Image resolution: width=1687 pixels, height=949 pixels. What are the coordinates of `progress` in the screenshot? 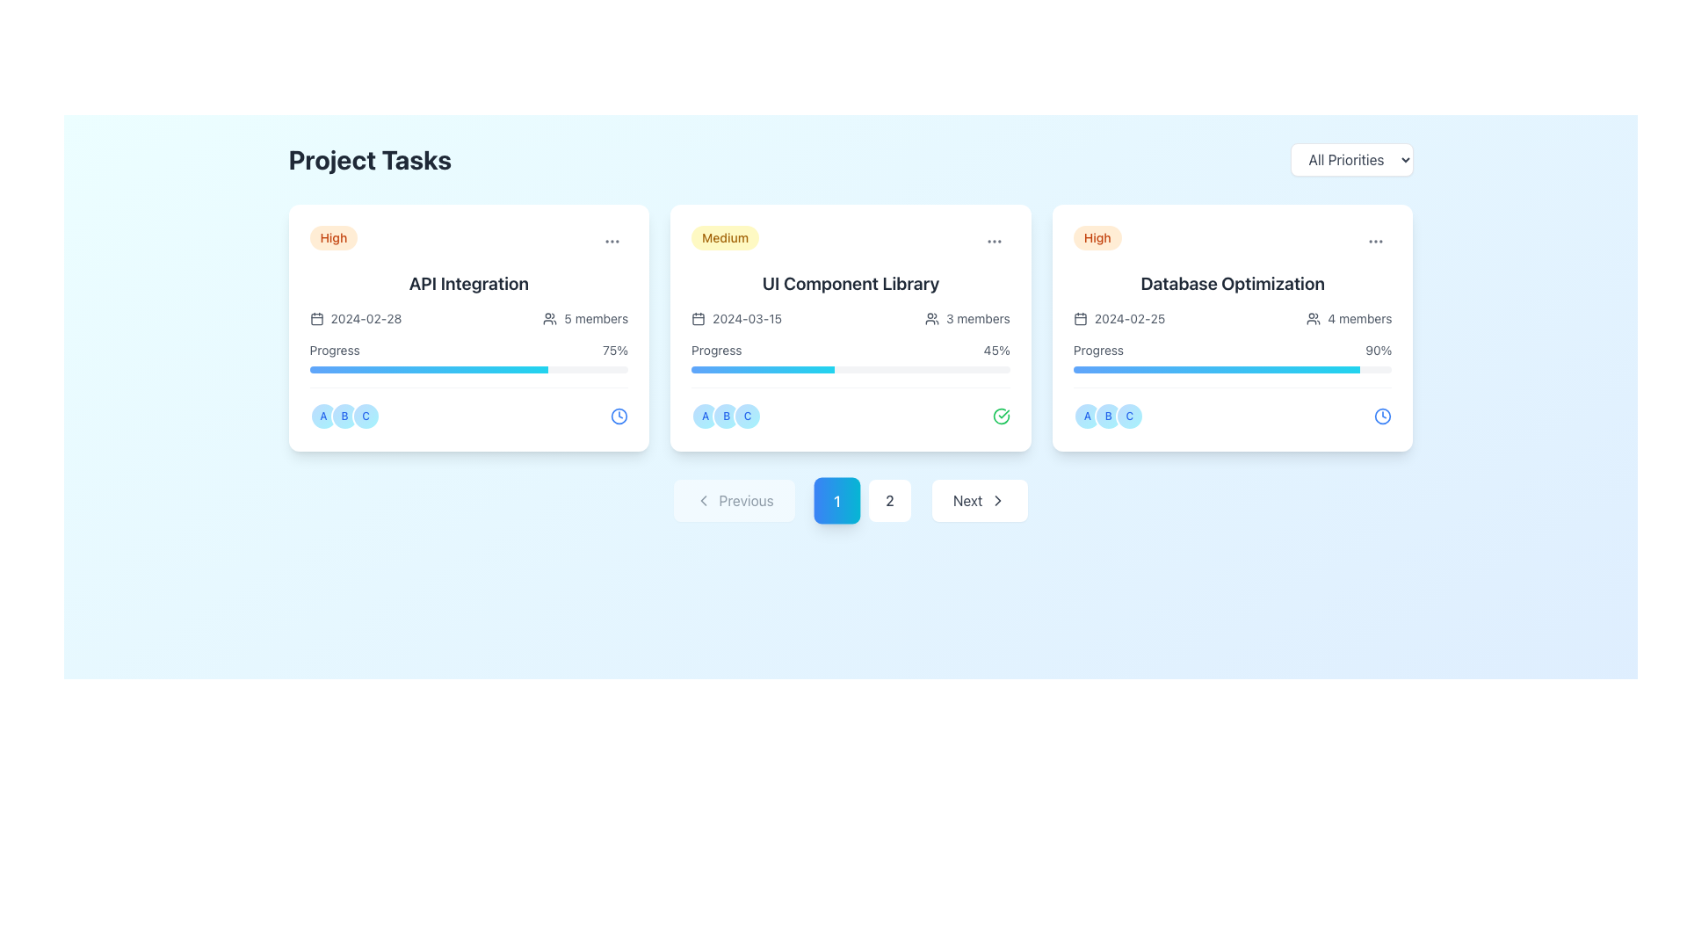 It's located at (1297, 368).